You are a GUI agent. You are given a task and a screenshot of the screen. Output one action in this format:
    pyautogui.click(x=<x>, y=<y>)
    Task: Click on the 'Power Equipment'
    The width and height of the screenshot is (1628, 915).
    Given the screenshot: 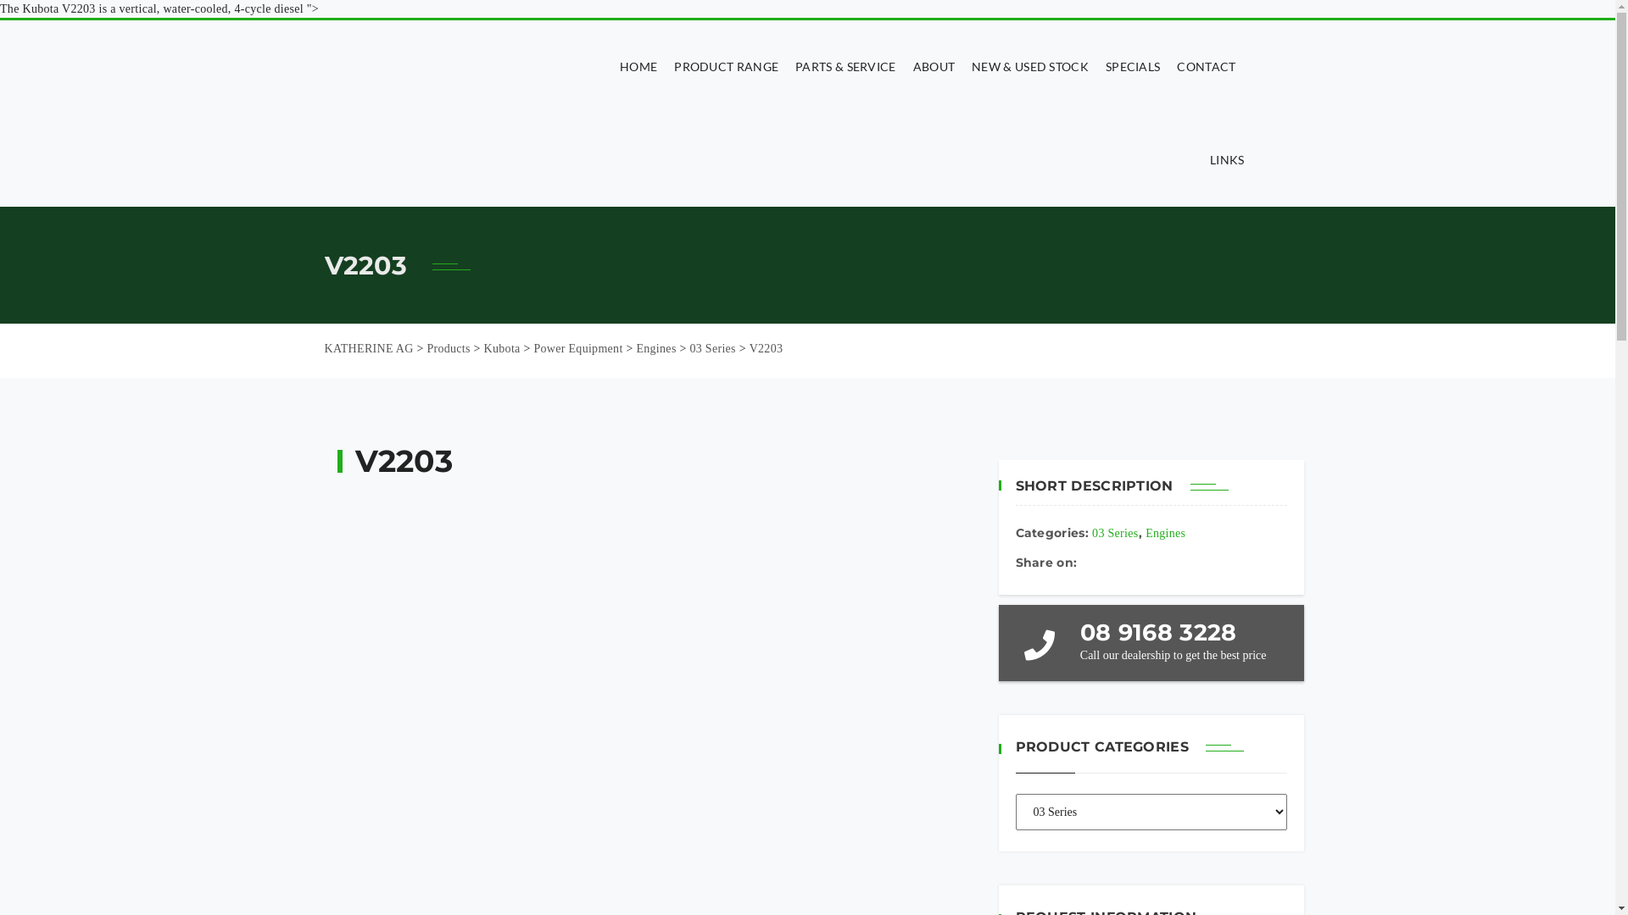 What is the action you would take?
    pyautogui.click(x=577, y=347)
    